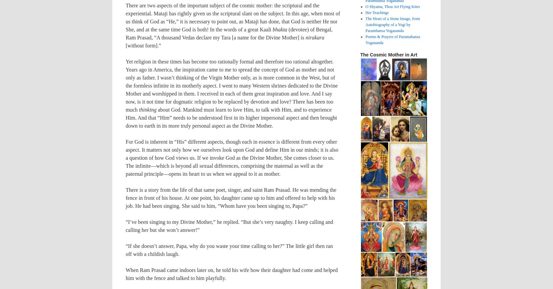 This screenshot has height=289, width=553. I want to click on 'There are two aspects of the important subject of the cosmic mother: the scriptural and the experiential. Mataji has rightly given us the scriptural slant on the subject. In this age, when most of us think of God as “He,” it is necessary to point out, as Mataji has done, that God is neither He nor She, and at the same time God is both! In the words of a great Kaali', so click(232, 17).